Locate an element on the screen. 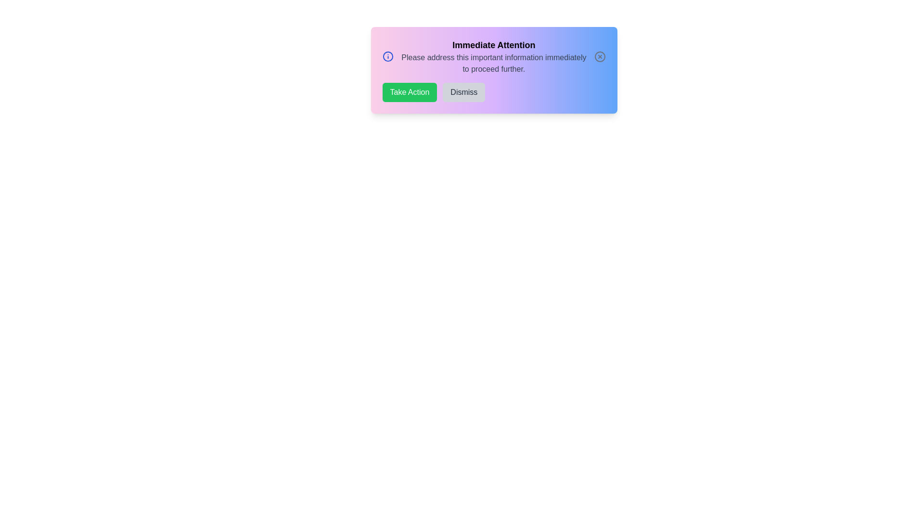 This screenshot has width=924, height=520. the 'Take Action' button to execute the action is located at coordinates (409, 92).